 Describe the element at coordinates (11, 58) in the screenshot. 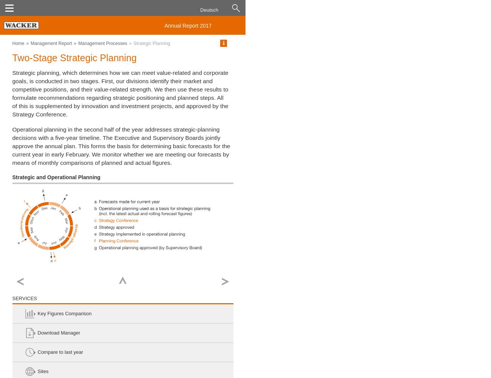

I see `'Two-Stage Strategic Planning'` at that location.